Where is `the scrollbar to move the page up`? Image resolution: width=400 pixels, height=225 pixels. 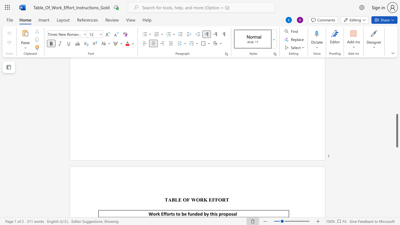
the scrollbar to move the page up is located at coordinates (397, 87).